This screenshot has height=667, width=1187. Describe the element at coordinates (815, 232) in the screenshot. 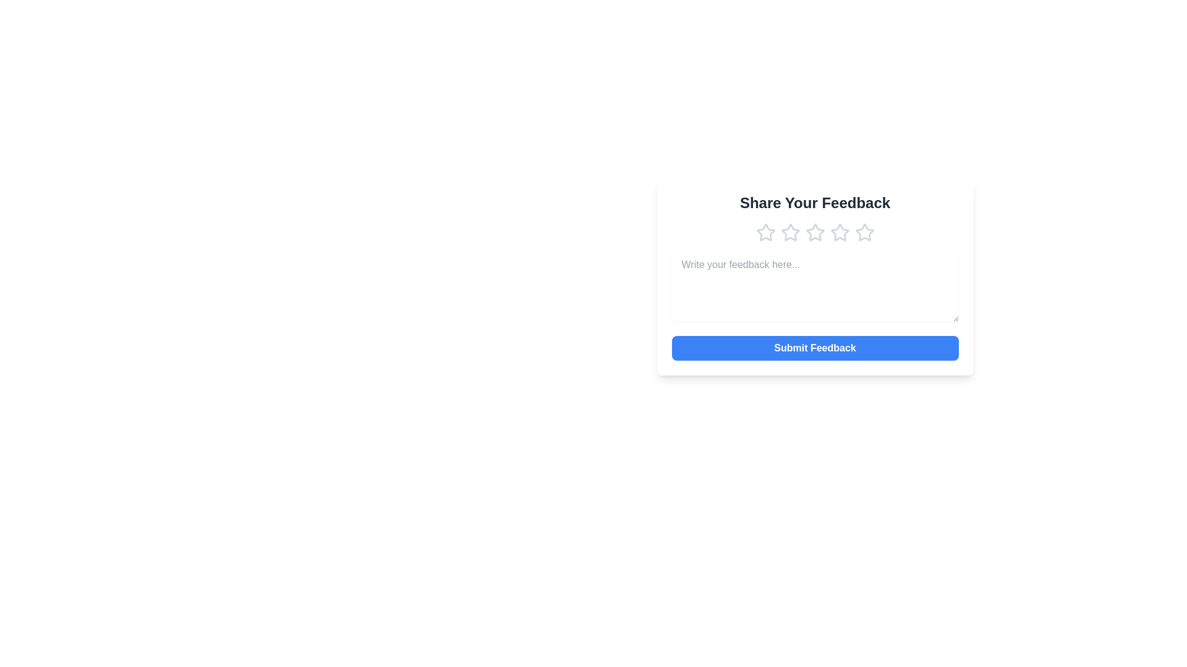

I see `the third star icon in the rating system located below 'Share Your Feedback'` at that location.